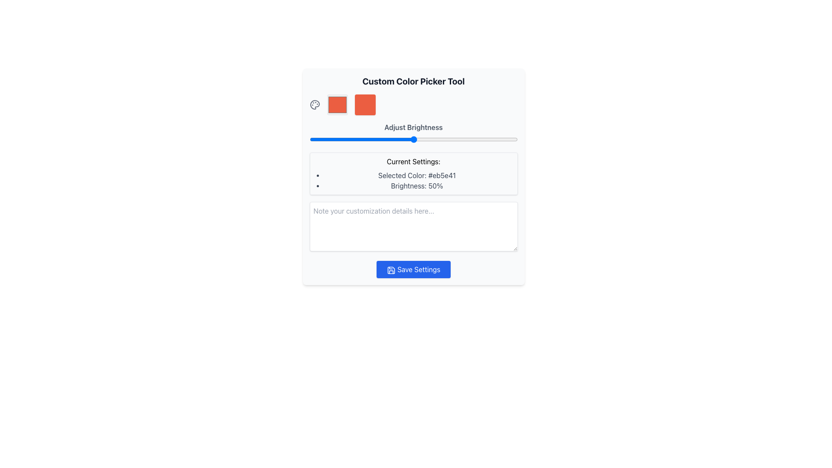 The width and height of the screenshot is (832, 468). Describe the element at coordinates (422, 139) in the screenshot. I see `brightness` at that location.